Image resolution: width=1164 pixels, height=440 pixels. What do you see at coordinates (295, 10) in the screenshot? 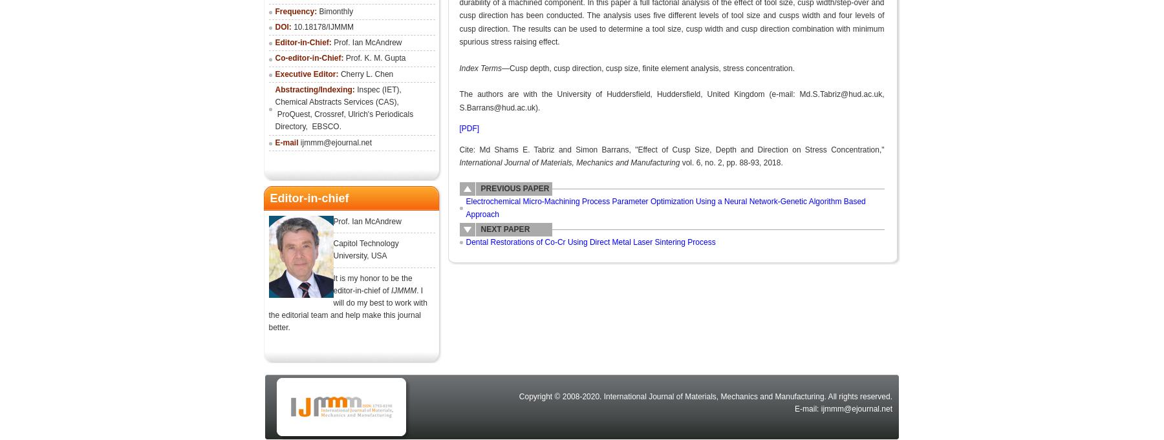
I see `'Frequency:'` at bounding box center [295, 10].